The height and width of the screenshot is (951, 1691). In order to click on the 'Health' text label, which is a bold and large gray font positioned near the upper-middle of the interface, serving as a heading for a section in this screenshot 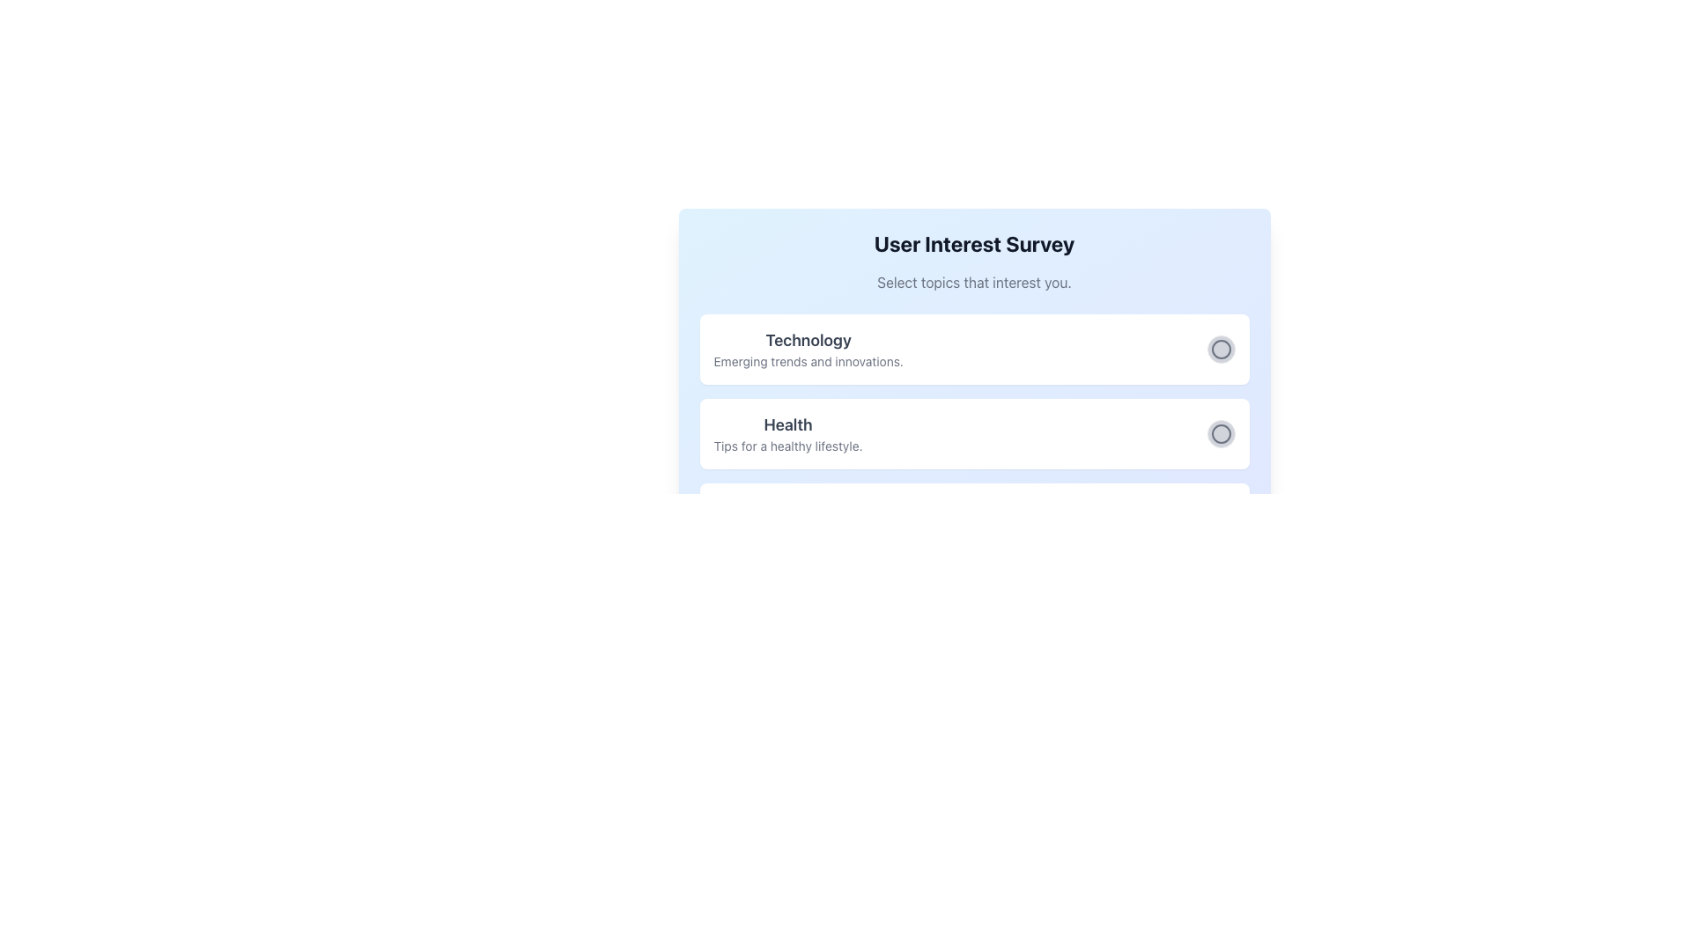, I will do `click(787, 424)`.